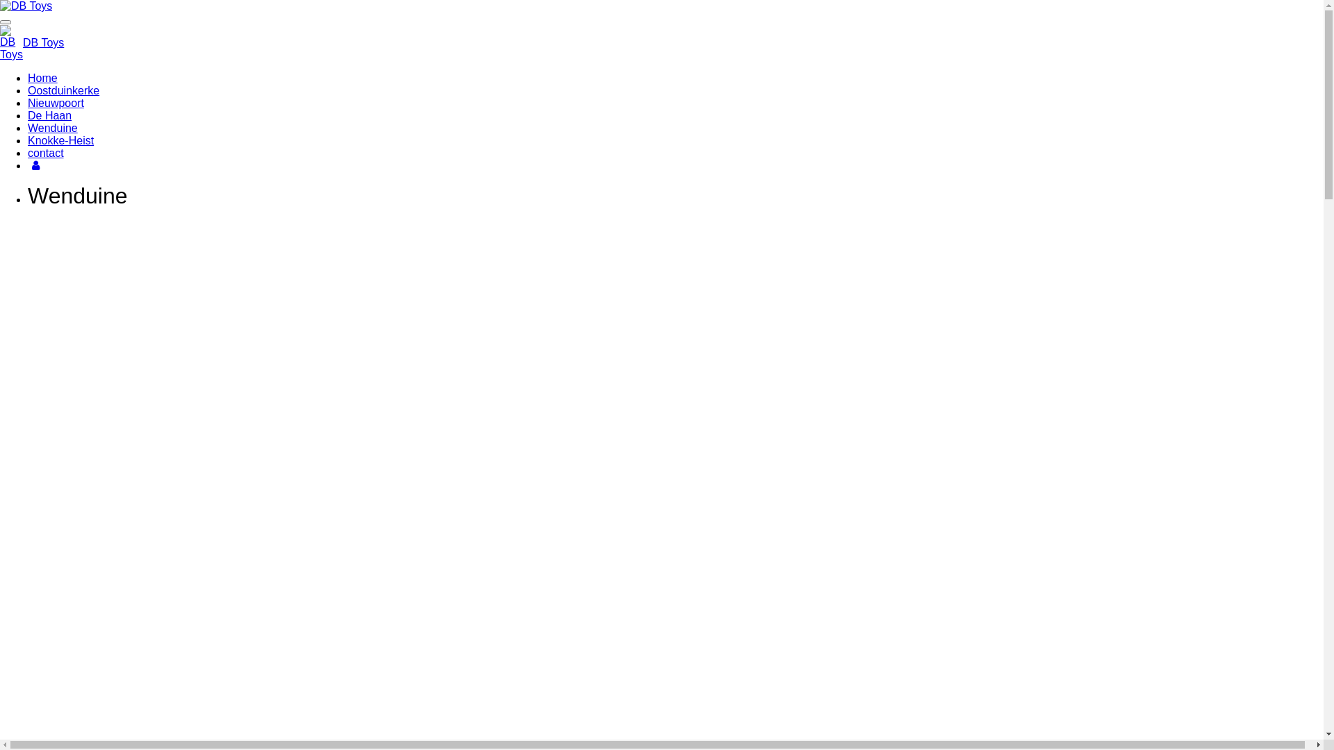  I want to click on 'Account', so click(35, 165).